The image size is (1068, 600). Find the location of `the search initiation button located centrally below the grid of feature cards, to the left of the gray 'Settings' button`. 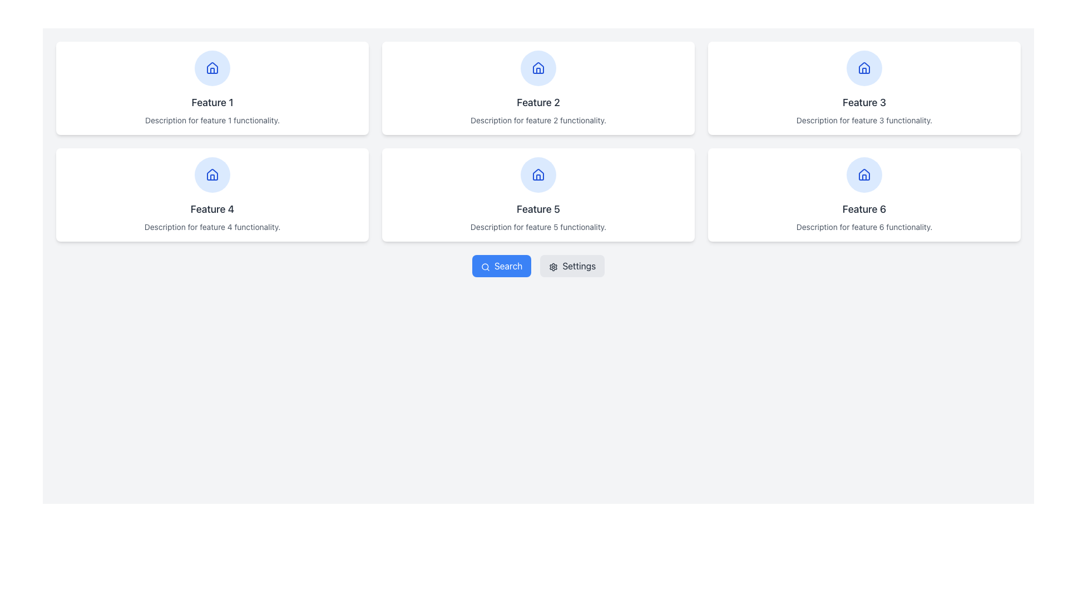

the search initiation button located centrally below the grid of feature cards, to the left of the gray 'Settings' button is located at coordinates (501, 266).